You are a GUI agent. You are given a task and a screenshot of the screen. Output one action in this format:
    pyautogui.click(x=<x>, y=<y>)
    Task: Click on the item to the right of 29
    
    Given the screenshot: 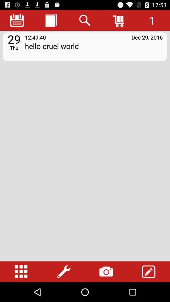 What is the action you would take?
    pyautogui.click(x=35, y=37)
    